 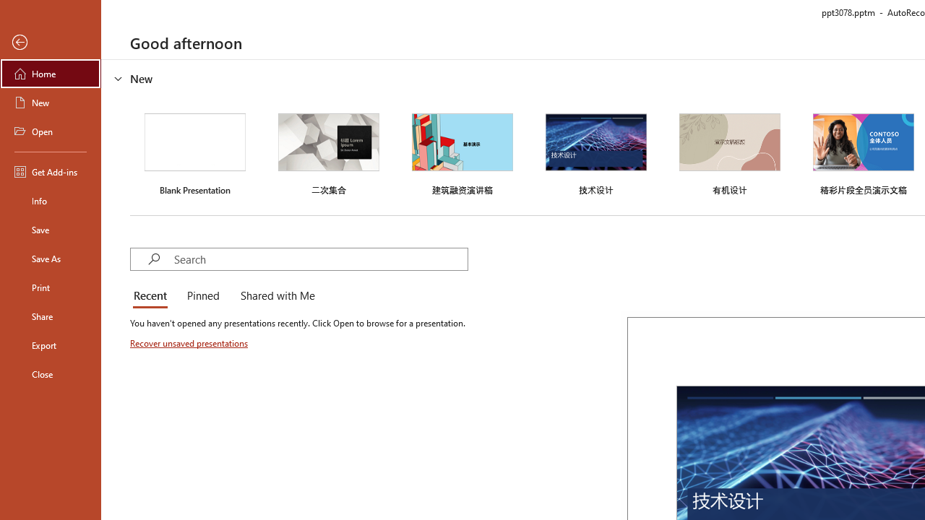 I want to click on 'Hide or show region', so click(x=119, y=79).